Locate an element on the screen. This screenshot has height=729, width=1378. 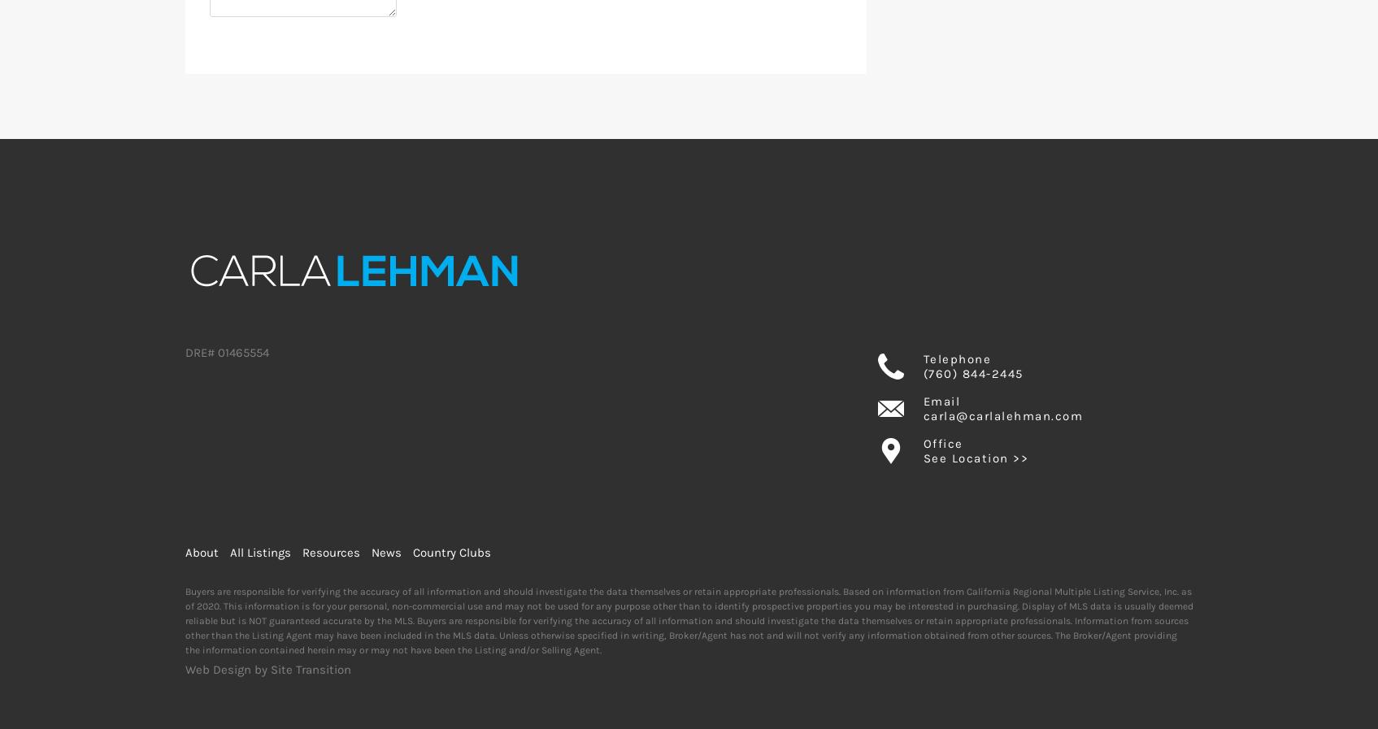
'Email' is located at coordinates (941, 401).